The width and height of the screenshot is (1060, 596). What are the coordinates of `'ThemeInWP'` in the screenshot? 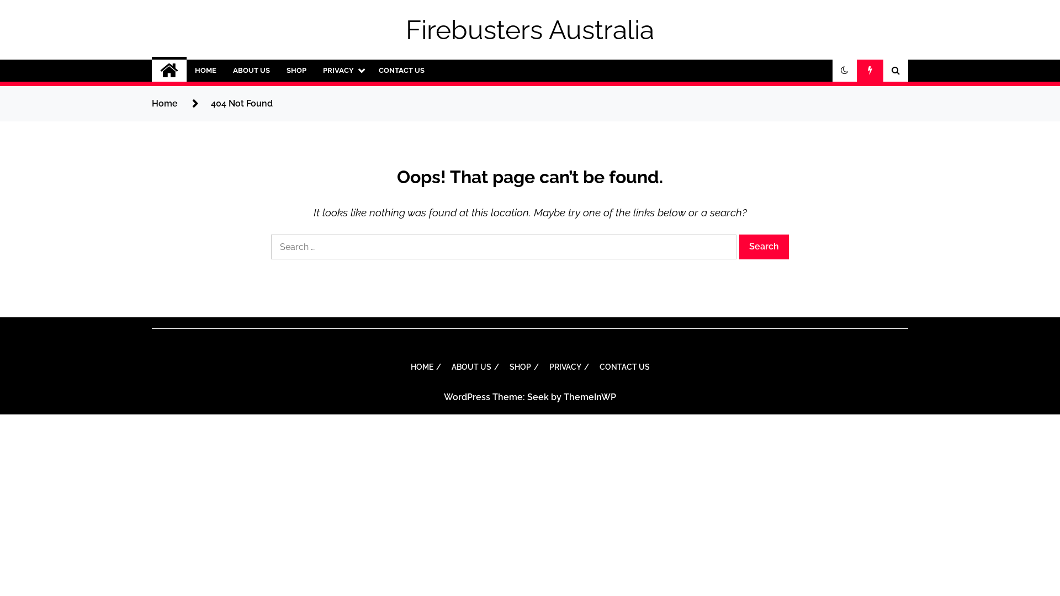 It's located at (589, 396).